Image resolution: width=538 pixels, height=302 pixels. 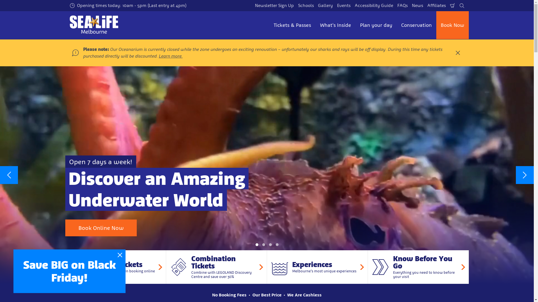 What do you see at coordinates (436, 5) in the screenshot?
I see `'Affiliates'` at bounding box center [436, 5].